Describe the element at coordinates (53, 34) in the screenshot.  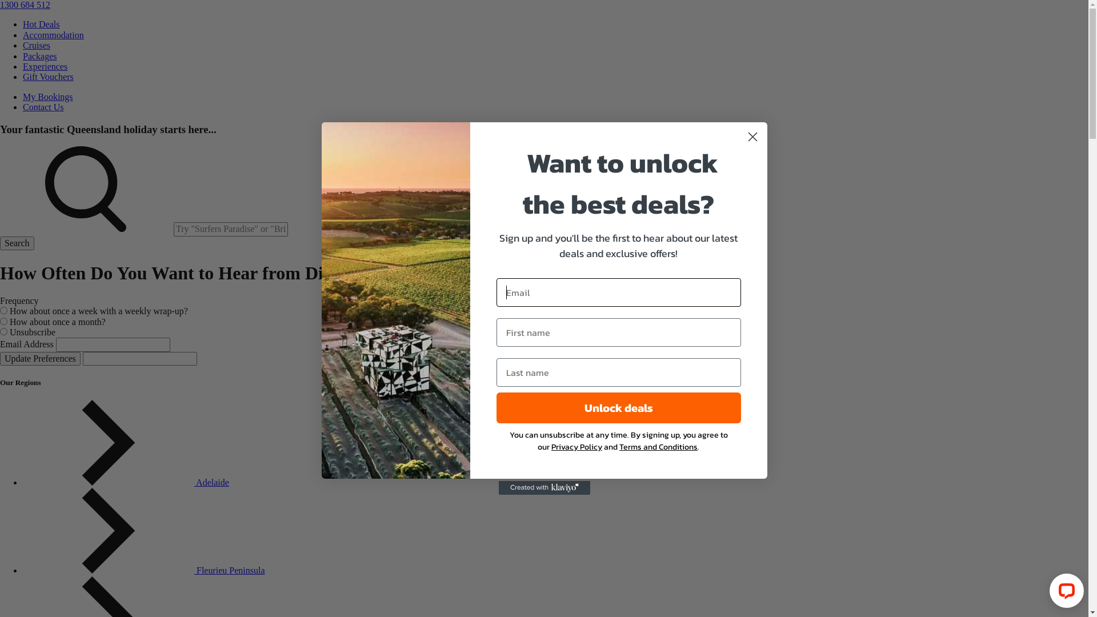
I see `'Accommodation'` at that location.